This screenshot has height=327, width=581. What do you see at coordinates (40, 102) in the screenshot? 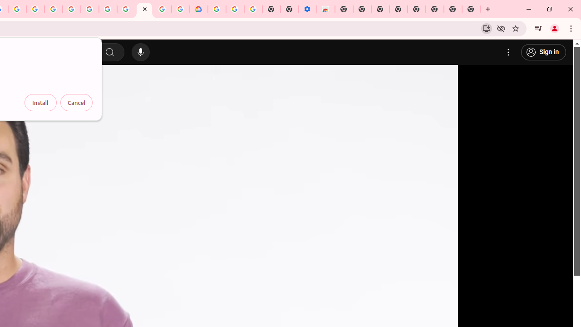
I see `'Install'` at bounding box center [40, 102].